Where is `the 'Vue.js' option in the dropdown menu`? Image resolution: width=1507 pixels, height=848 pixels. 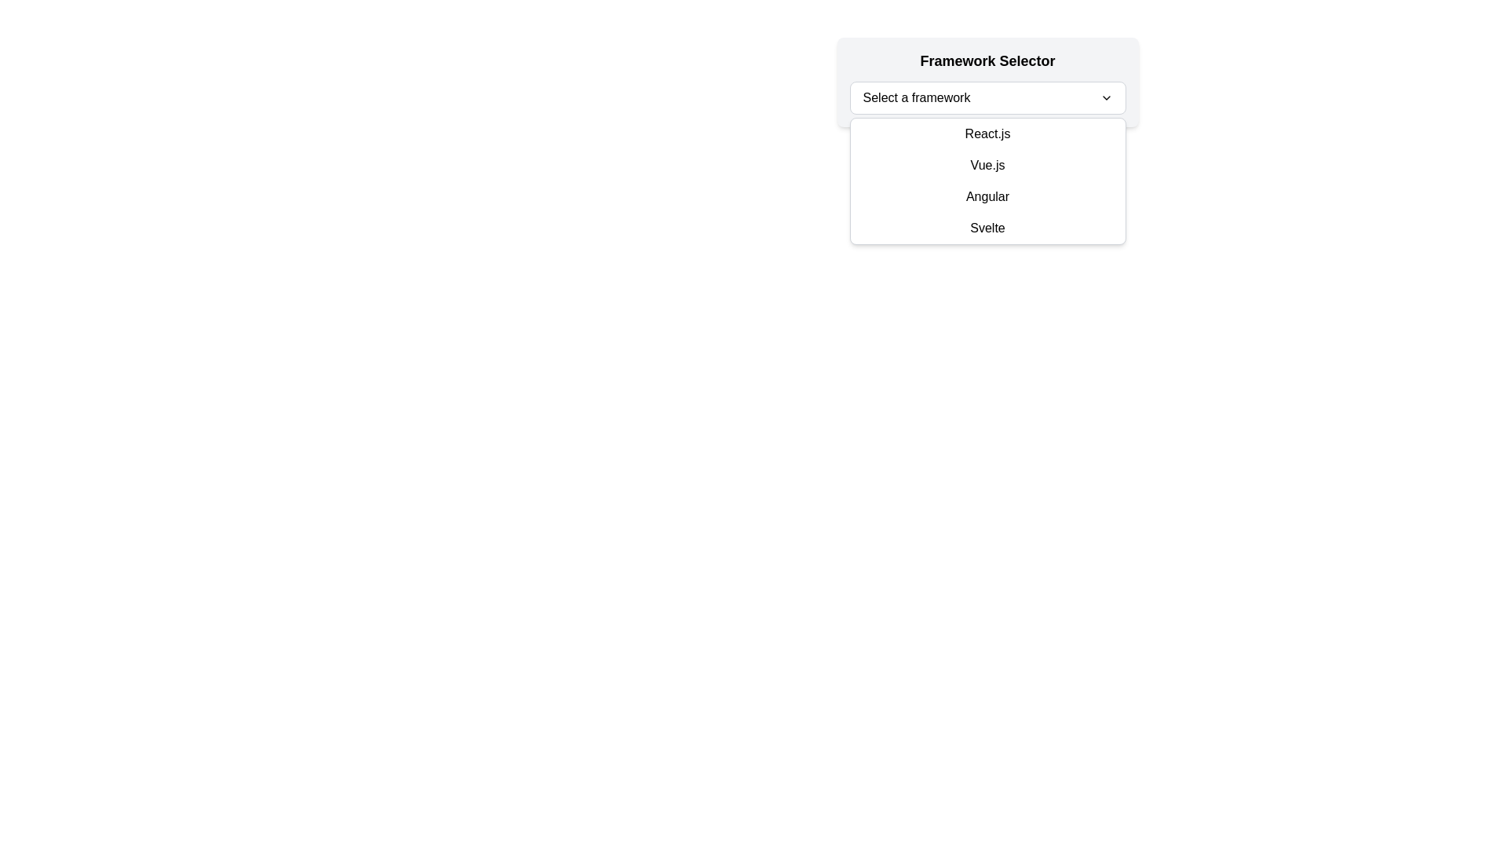 the 'Vue.js' option in the dropdown menu is located at coordinates (987, 166).